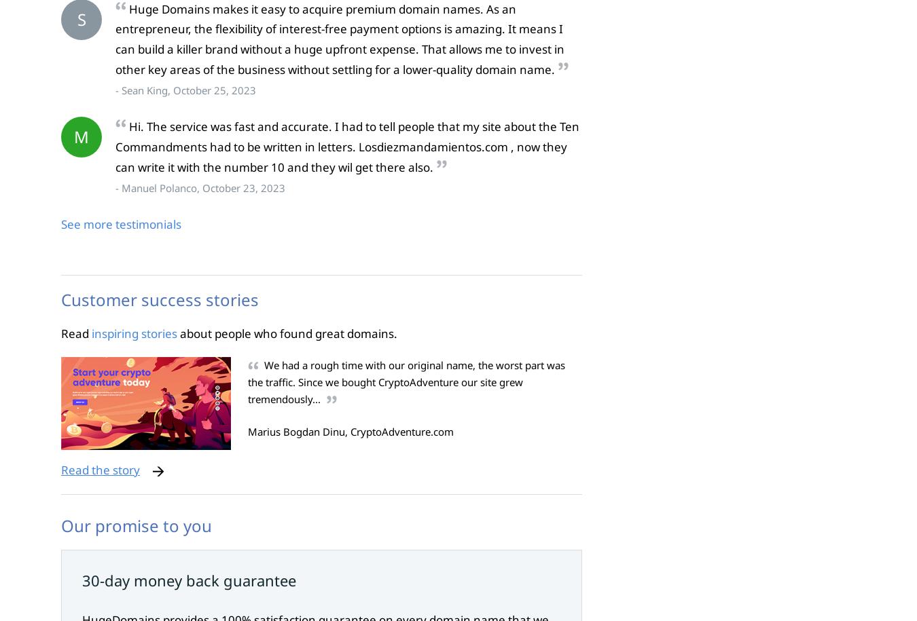 The width and height of the screenshot is (917, 621). I want to click on 'Our promise to you', so click(137, 524).